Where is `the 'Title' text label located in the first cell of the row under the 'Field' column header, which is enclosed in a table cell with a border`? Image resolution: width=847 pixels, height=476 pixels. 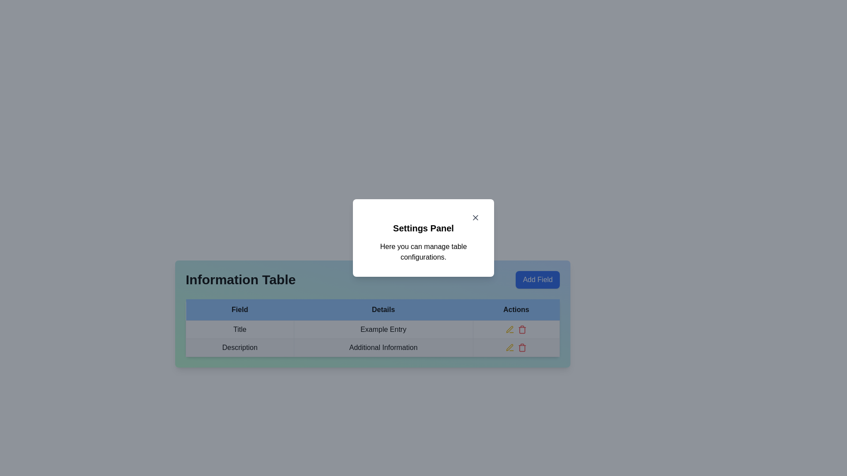 the 'Title' text label located in the first cell of the row under the 'Field' column header, which is enclosed in a table cell with a border is located at coordinates (240, 330).